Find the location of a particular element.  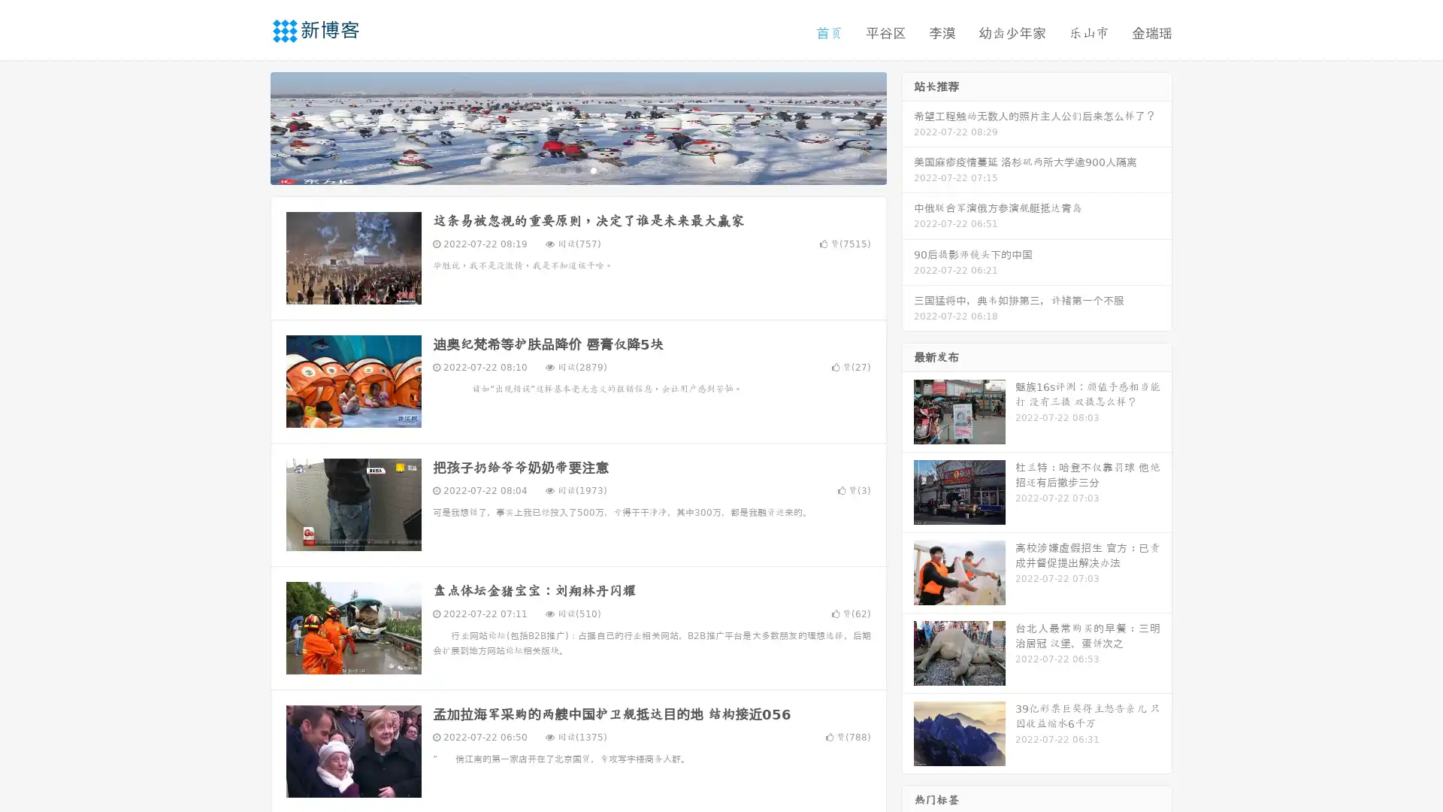

Next slide is located at coordinates (908, 126).